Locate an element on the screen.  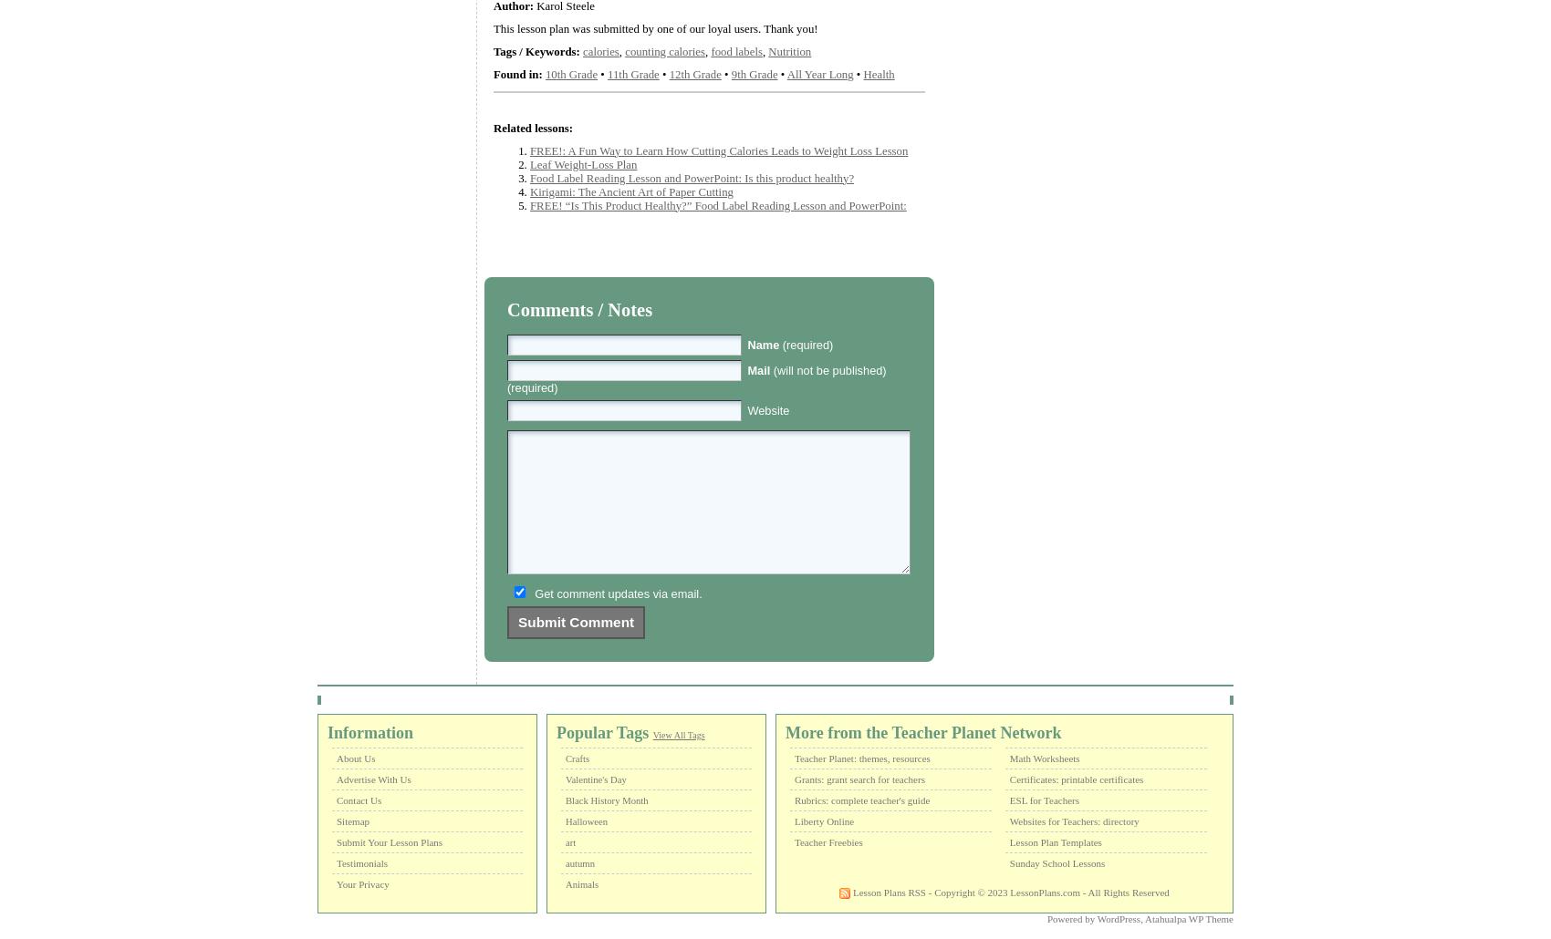
'Website' is located at coordinates (746, 408).